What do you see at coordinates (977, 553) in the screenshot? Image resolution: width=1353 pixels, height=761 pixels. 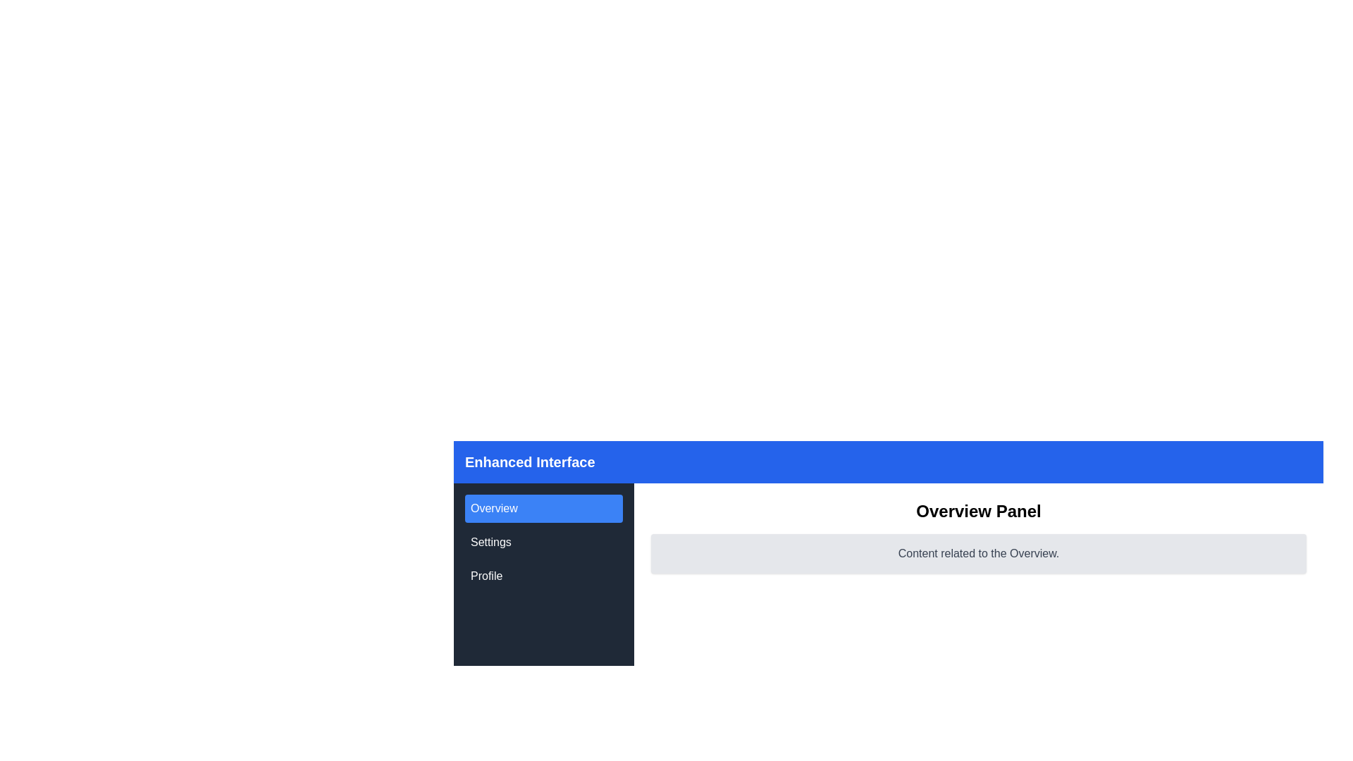 I see `the static text content in the 'Overview Panel' section, which is centrally located in a light gray rectangular box beneath the 'Overview Panel' title` at bounding box center [977, 553].